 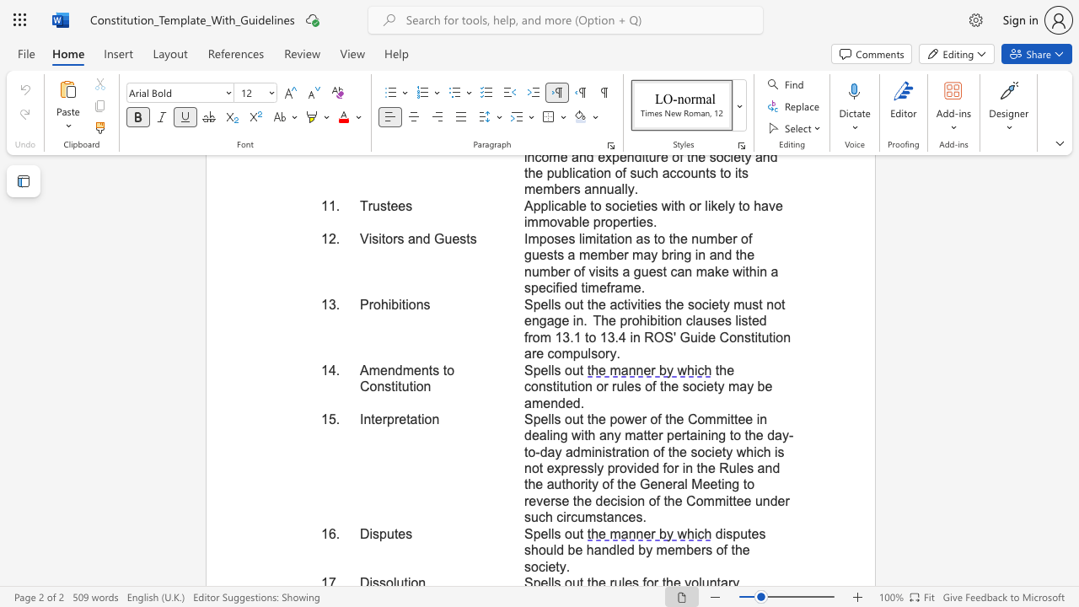 What do you see at coordinates (550, 534) in the screenshot?
I see `the subset text "ls ou" within the text "Spells out"` at bounding box center [550, 534].